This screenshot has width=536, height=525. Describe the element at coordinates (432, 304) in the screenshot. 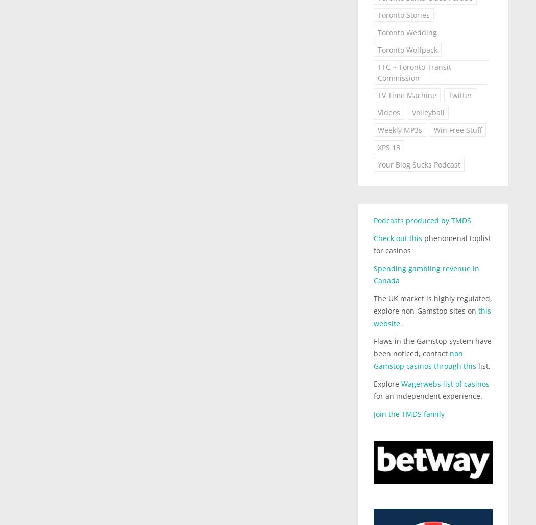

I see `'The UK market is highly regulated, explore non-Gamstop sites on'` at that location.